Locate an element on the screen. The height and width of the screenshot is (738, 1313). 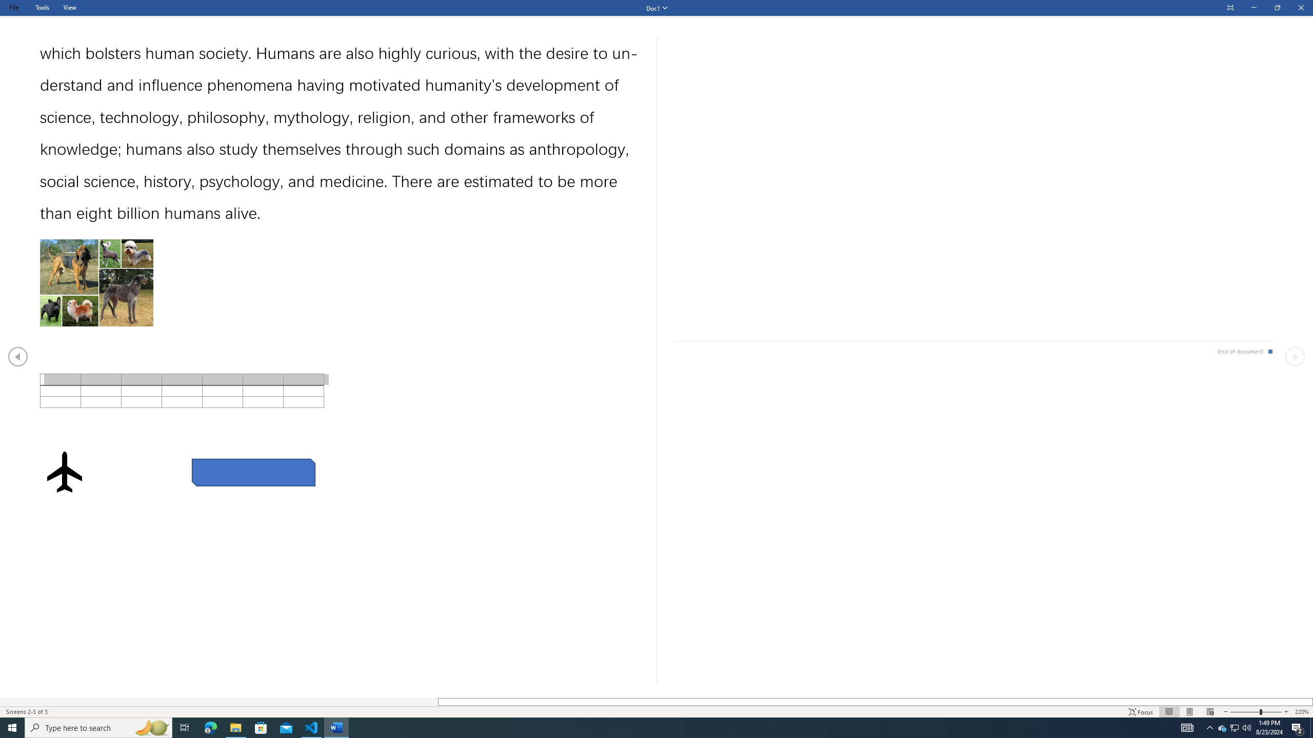
'Text Size' is located at coordinates (1255, 712).